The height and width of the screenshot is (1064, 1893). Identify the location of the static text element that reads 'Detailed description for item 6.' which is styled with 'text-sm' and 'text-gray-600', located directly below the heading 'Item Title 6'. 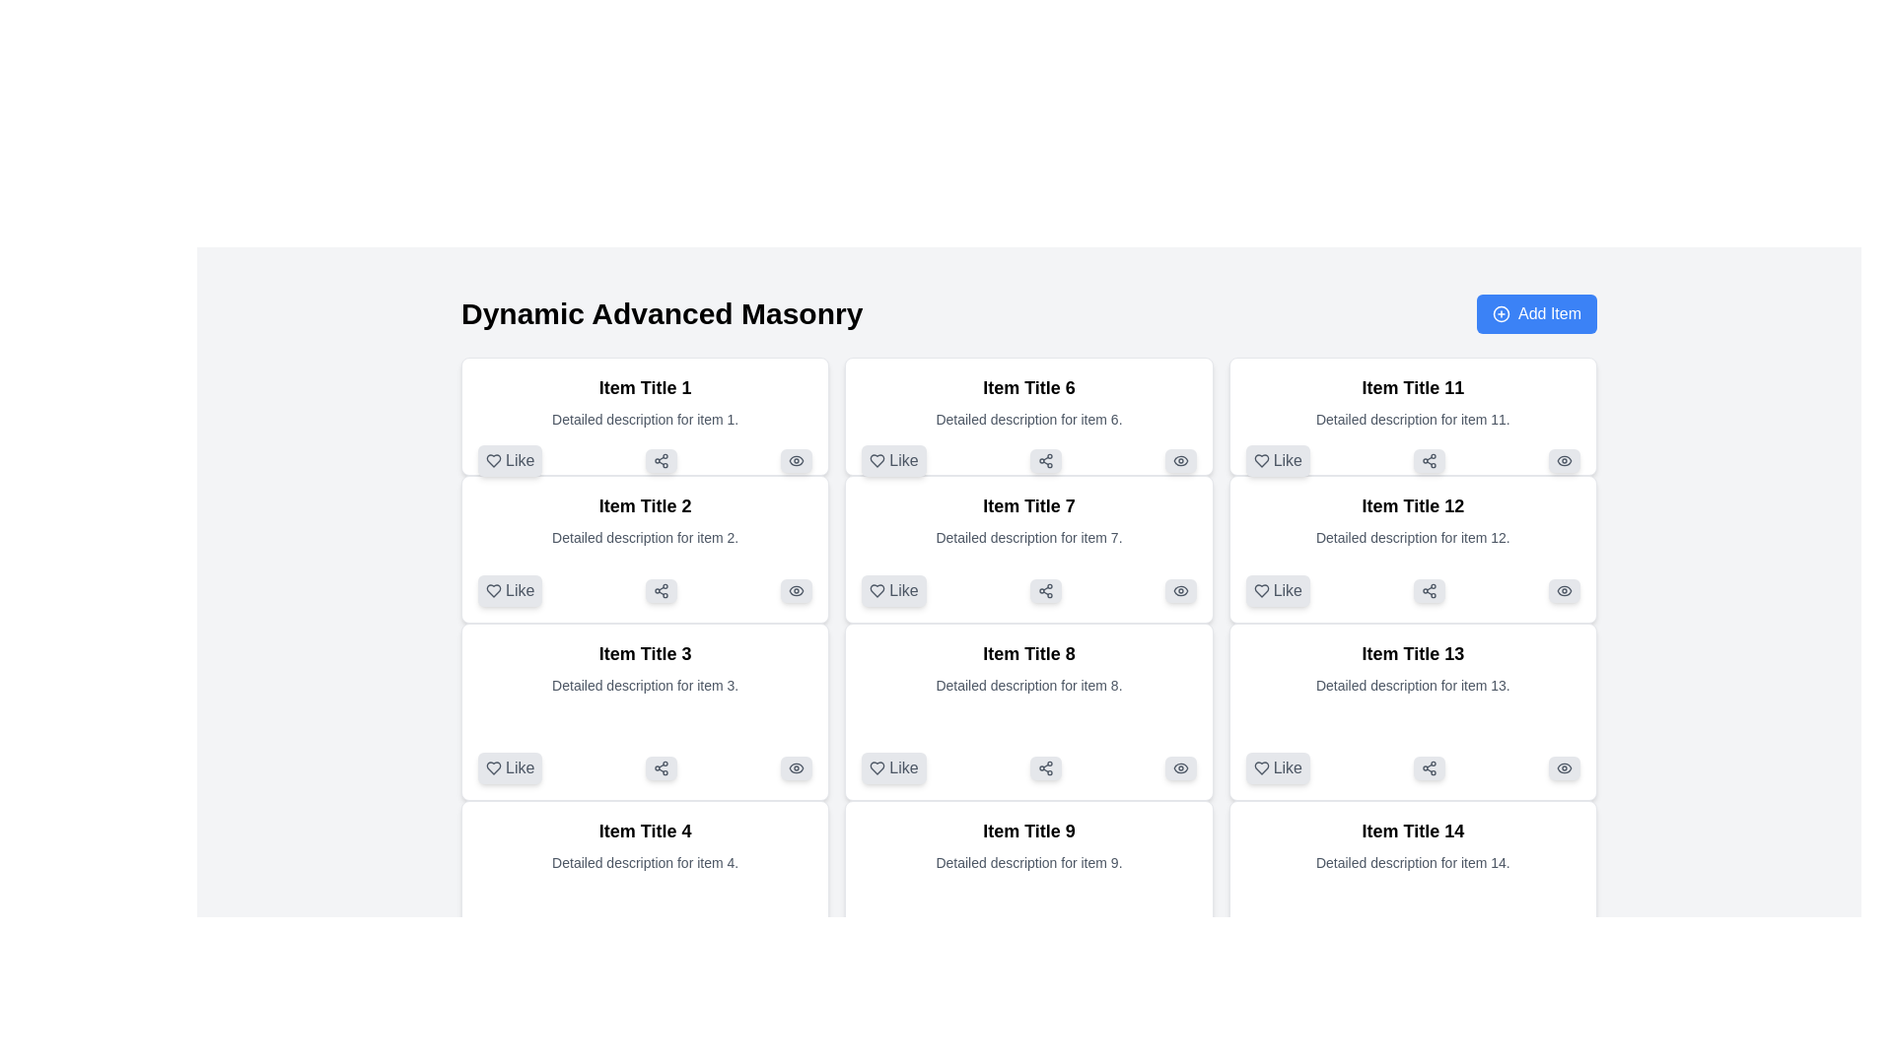
(1027, 418).